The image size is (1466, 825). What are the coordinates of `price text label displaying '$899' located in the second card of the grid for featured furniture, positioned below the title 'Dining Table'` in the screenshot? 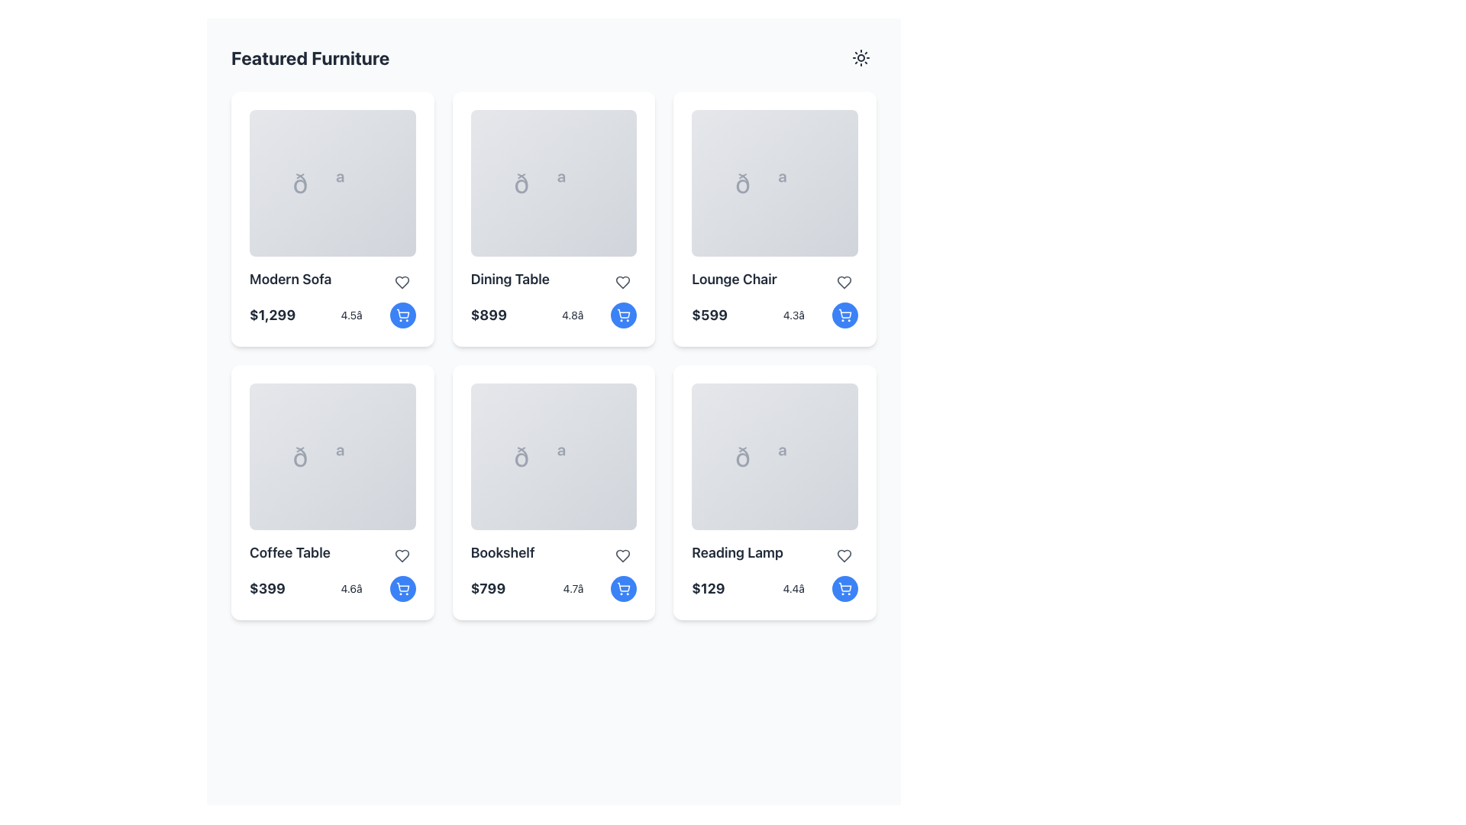 It's located at (489, 314).